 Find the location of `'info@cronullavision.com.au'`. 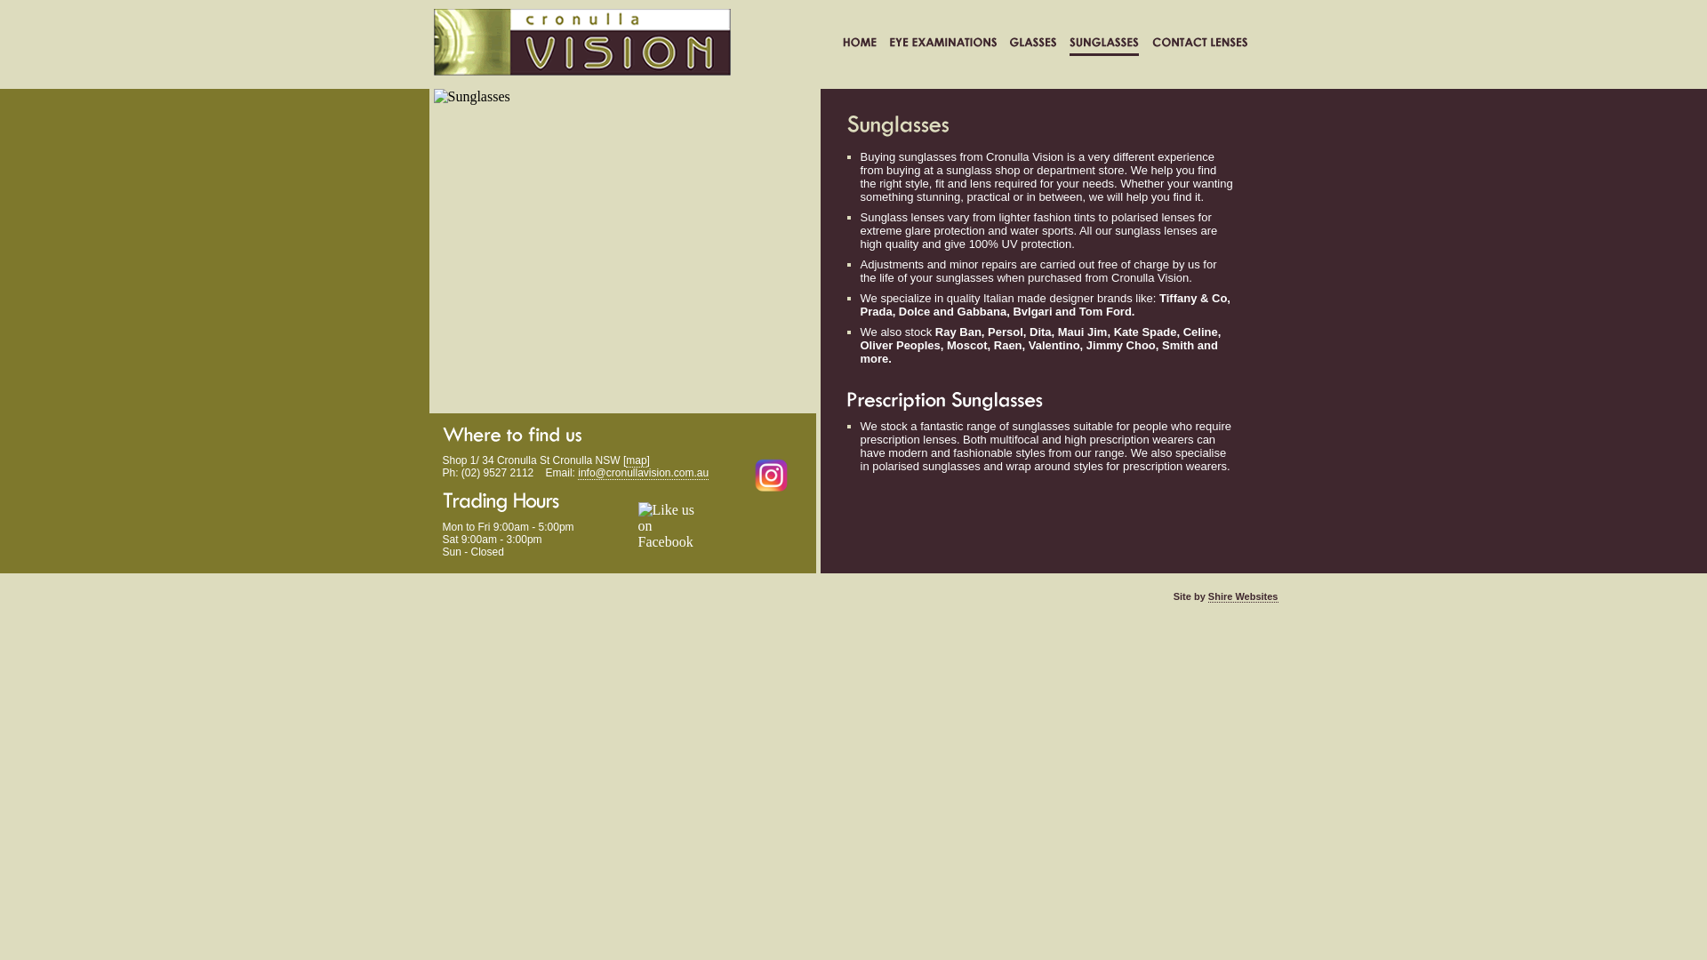

'info@cronullavision.com.au' is located at coordinates (642, 472).